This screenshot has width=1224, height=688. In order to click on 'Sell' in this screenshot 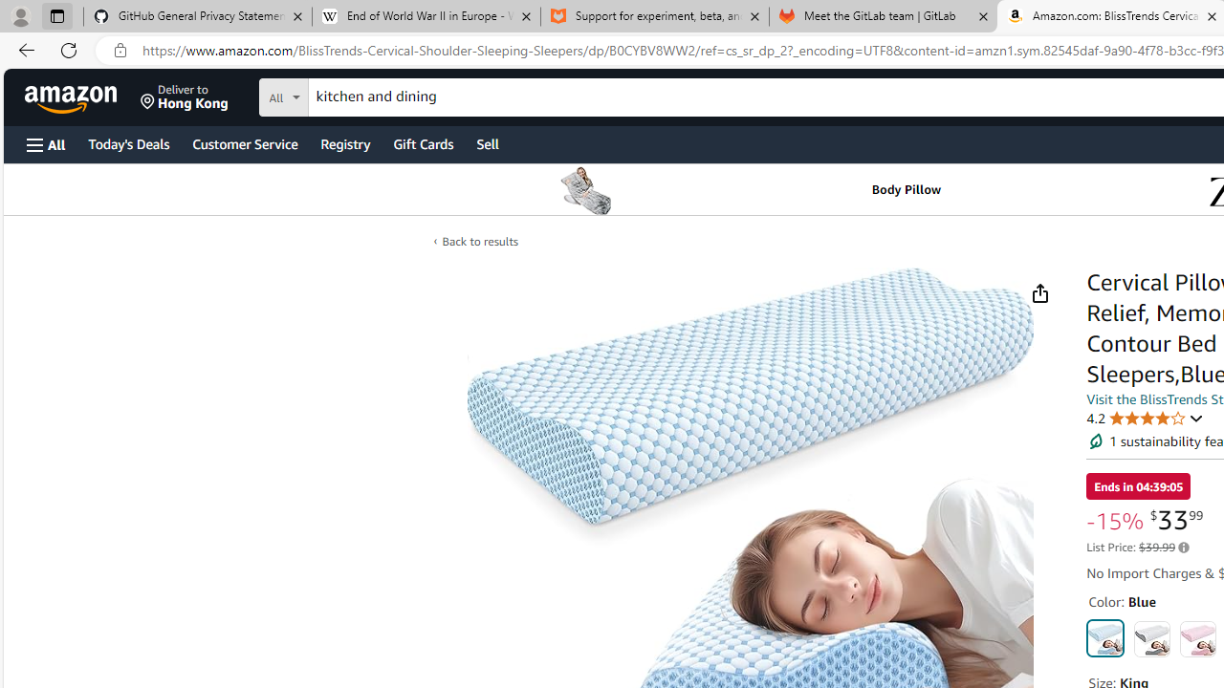, I will do `click(488, 142)`.